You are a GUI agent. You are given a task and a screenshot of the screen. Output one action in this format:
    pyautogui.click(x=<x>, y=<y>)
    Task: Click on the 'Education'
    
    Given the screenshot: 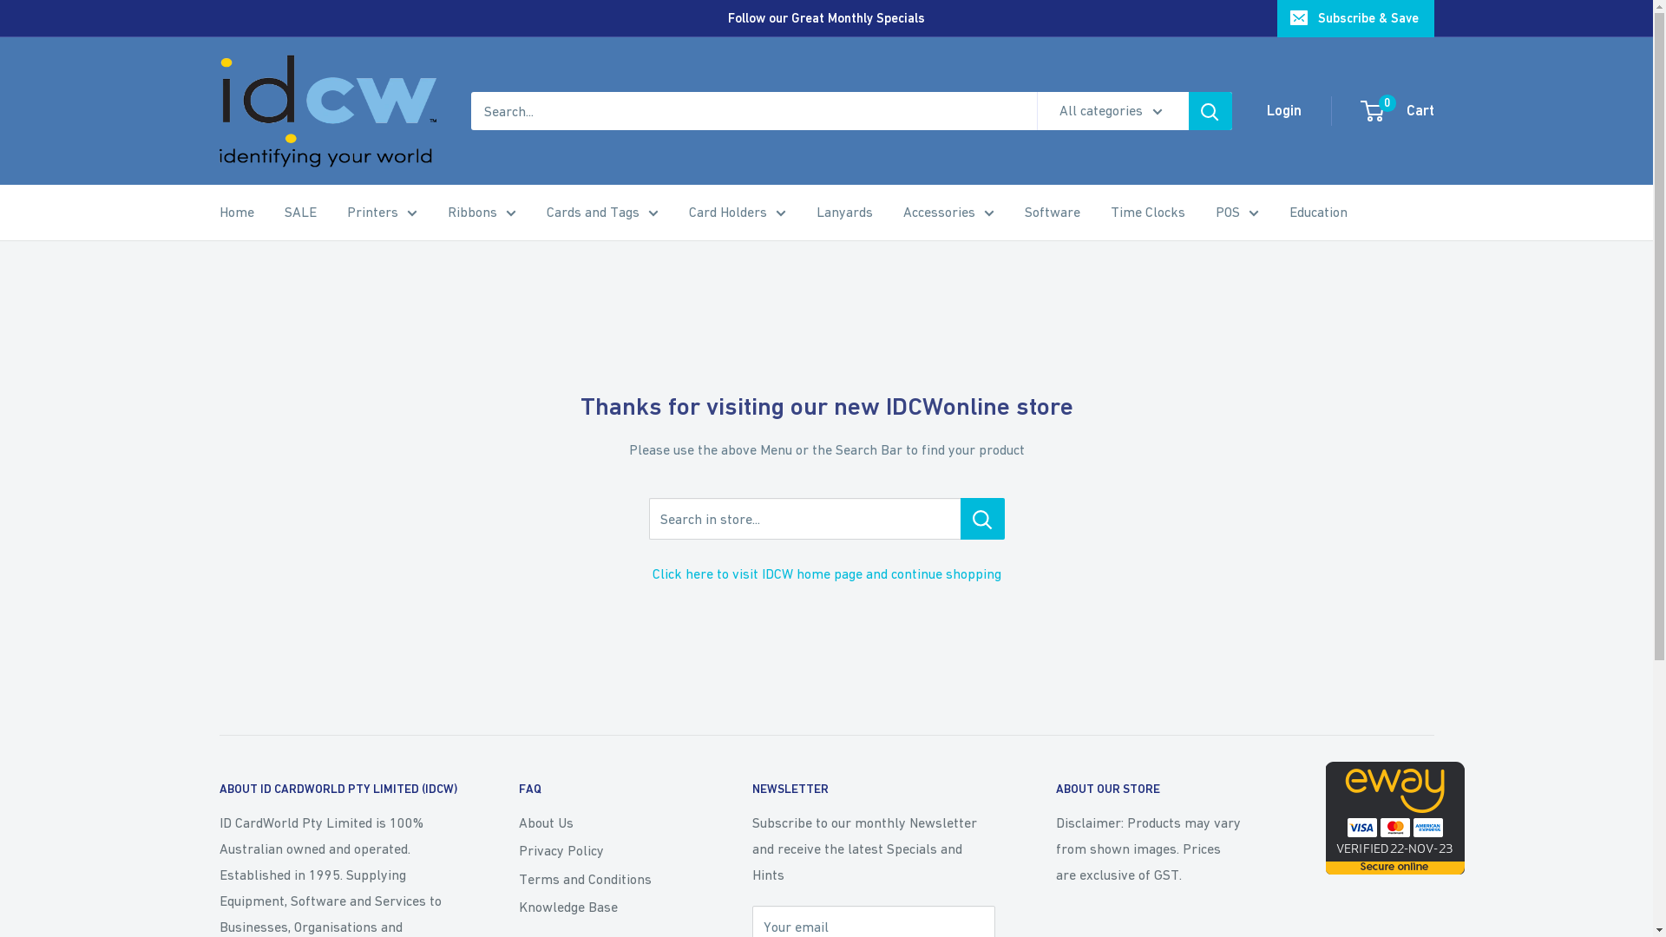 What is the action you would take?
    pyautogui.click(x=1289, y=212)
    